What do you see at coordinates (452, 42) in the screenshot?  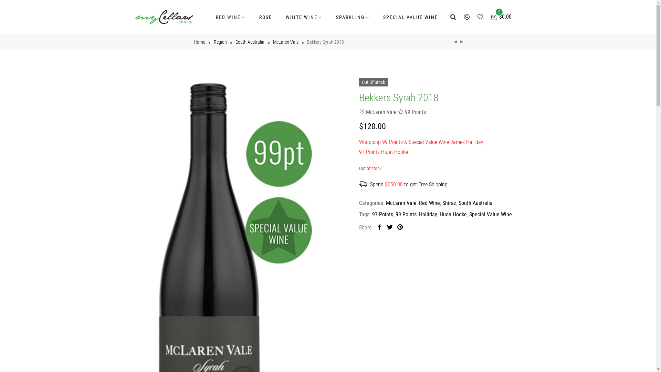 I see `'Lobethal Road Sauvignon Blanc 2023'` at bounding box center [452, 42].